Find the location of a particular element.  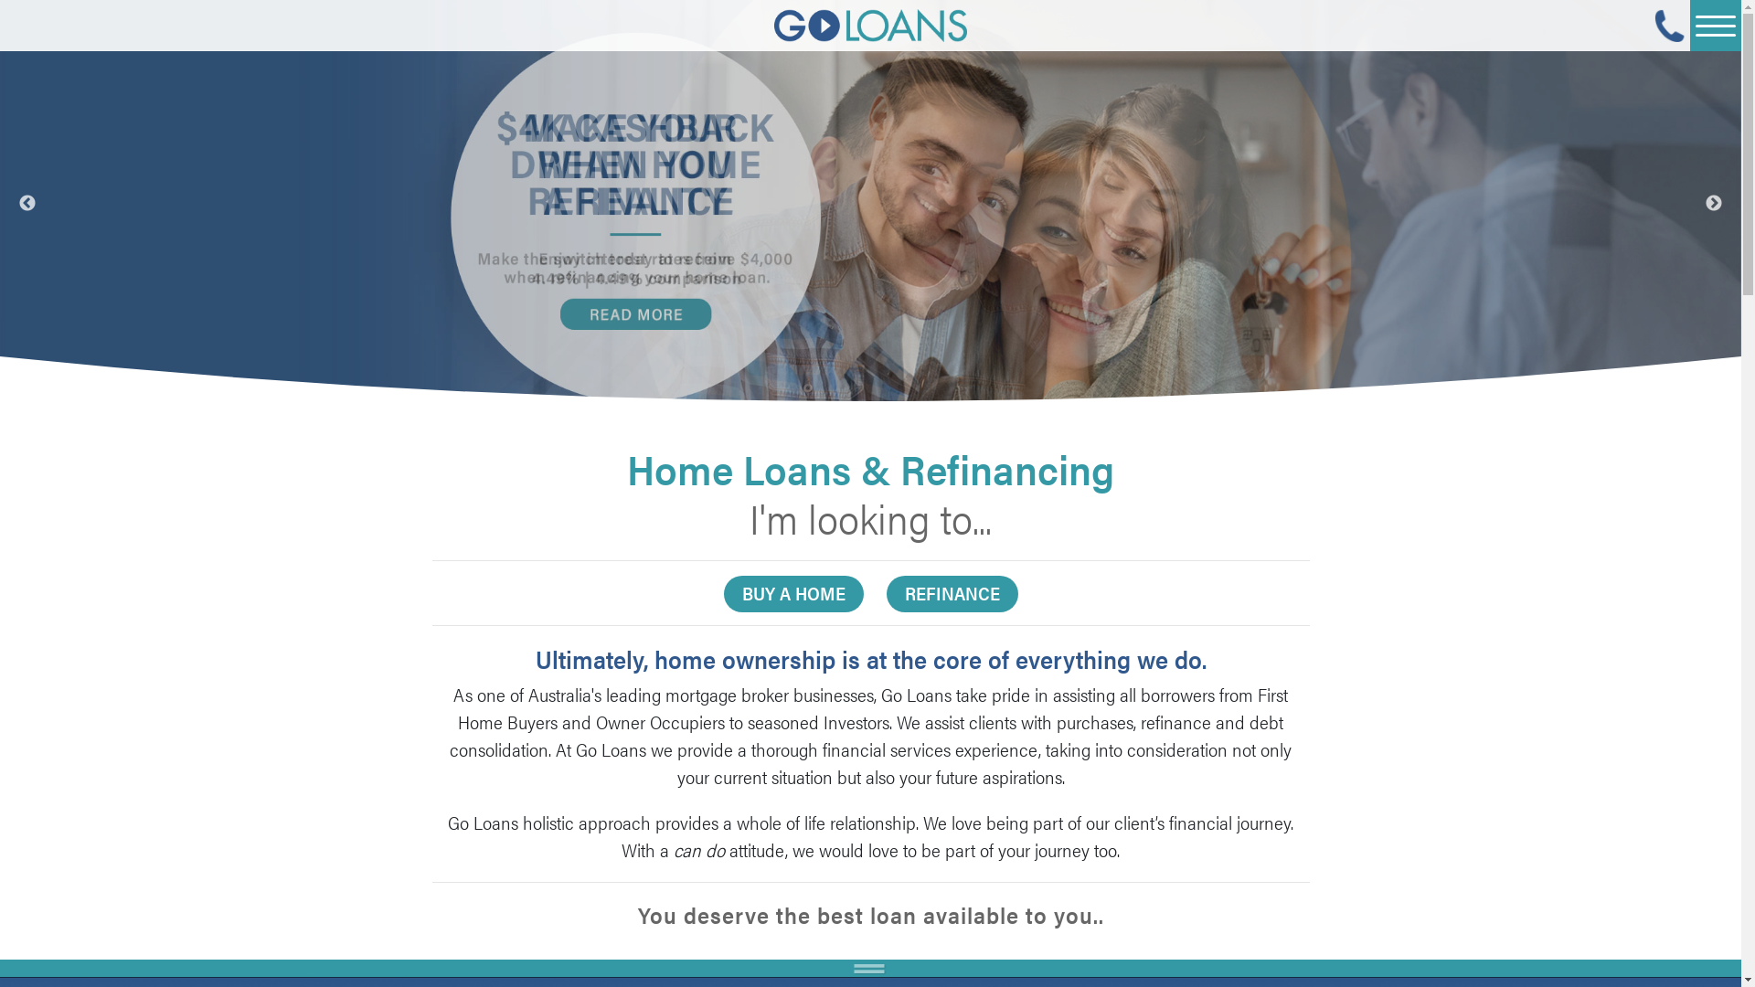

'Previous' is located at coordinates (27, 203).